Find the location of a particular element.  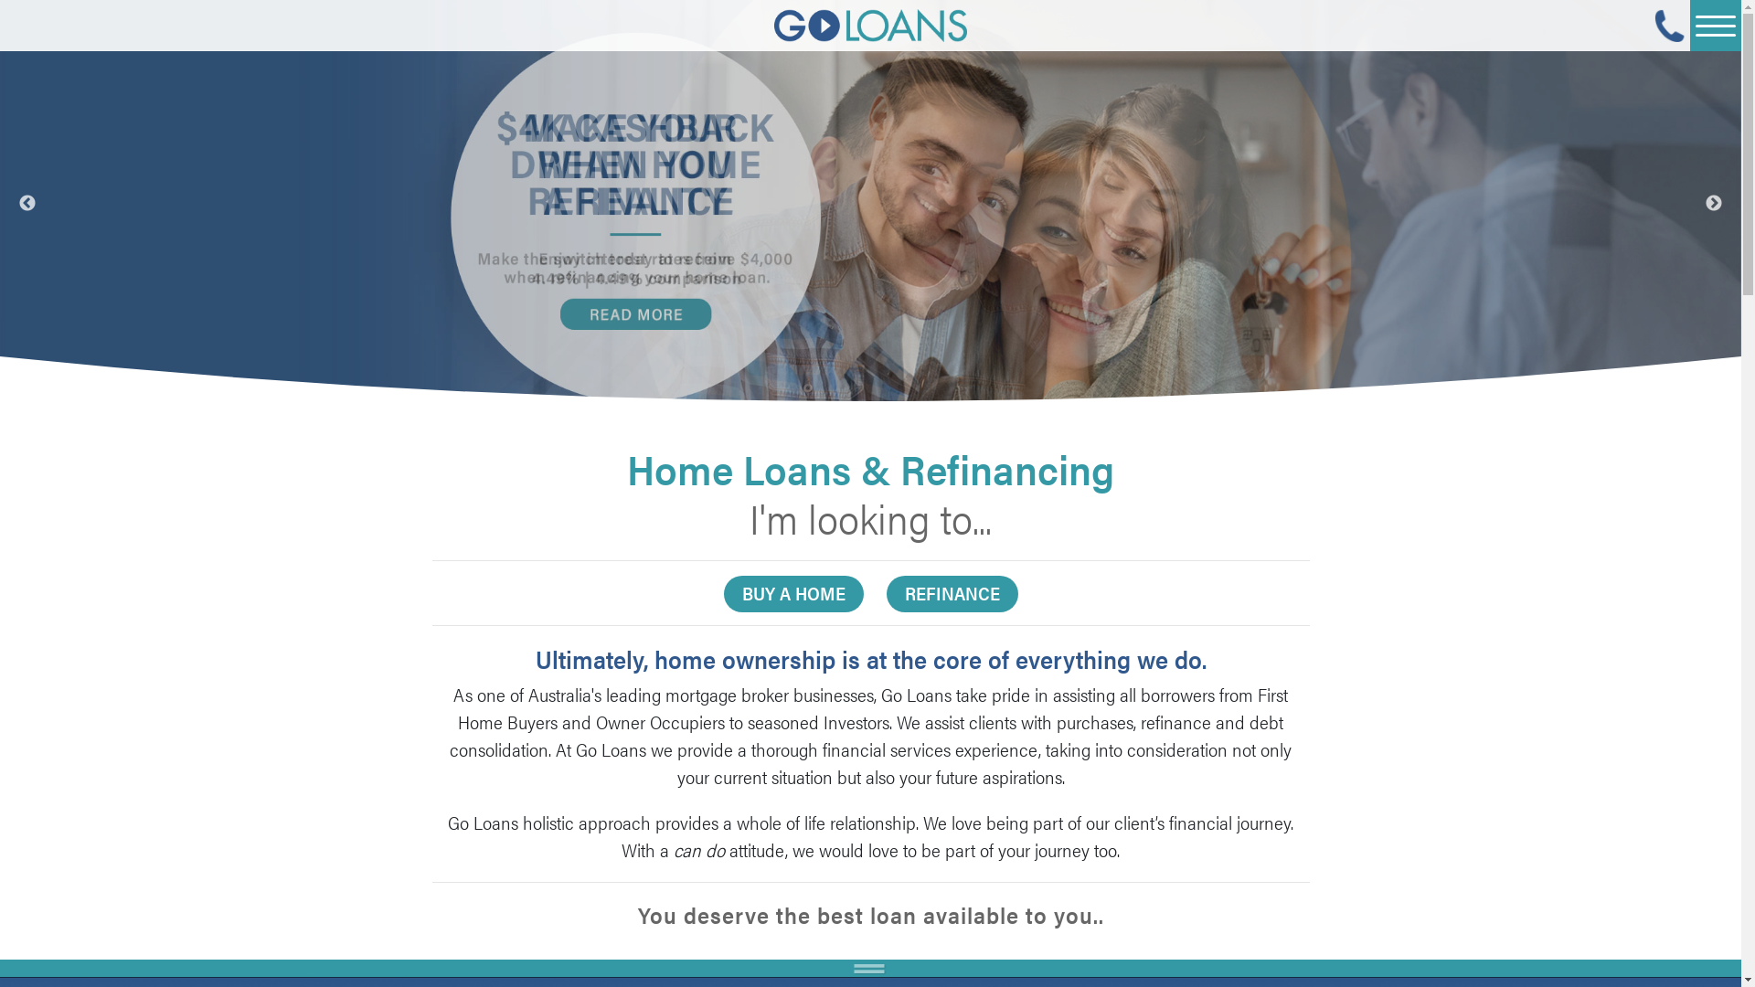

'Previous' is located at coordinates (27, 203).